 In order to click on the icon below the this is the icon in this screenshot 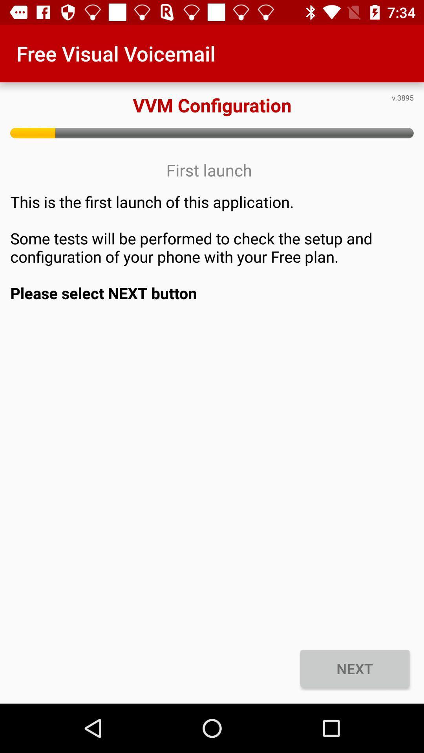, I will do `click(355, 668)`.